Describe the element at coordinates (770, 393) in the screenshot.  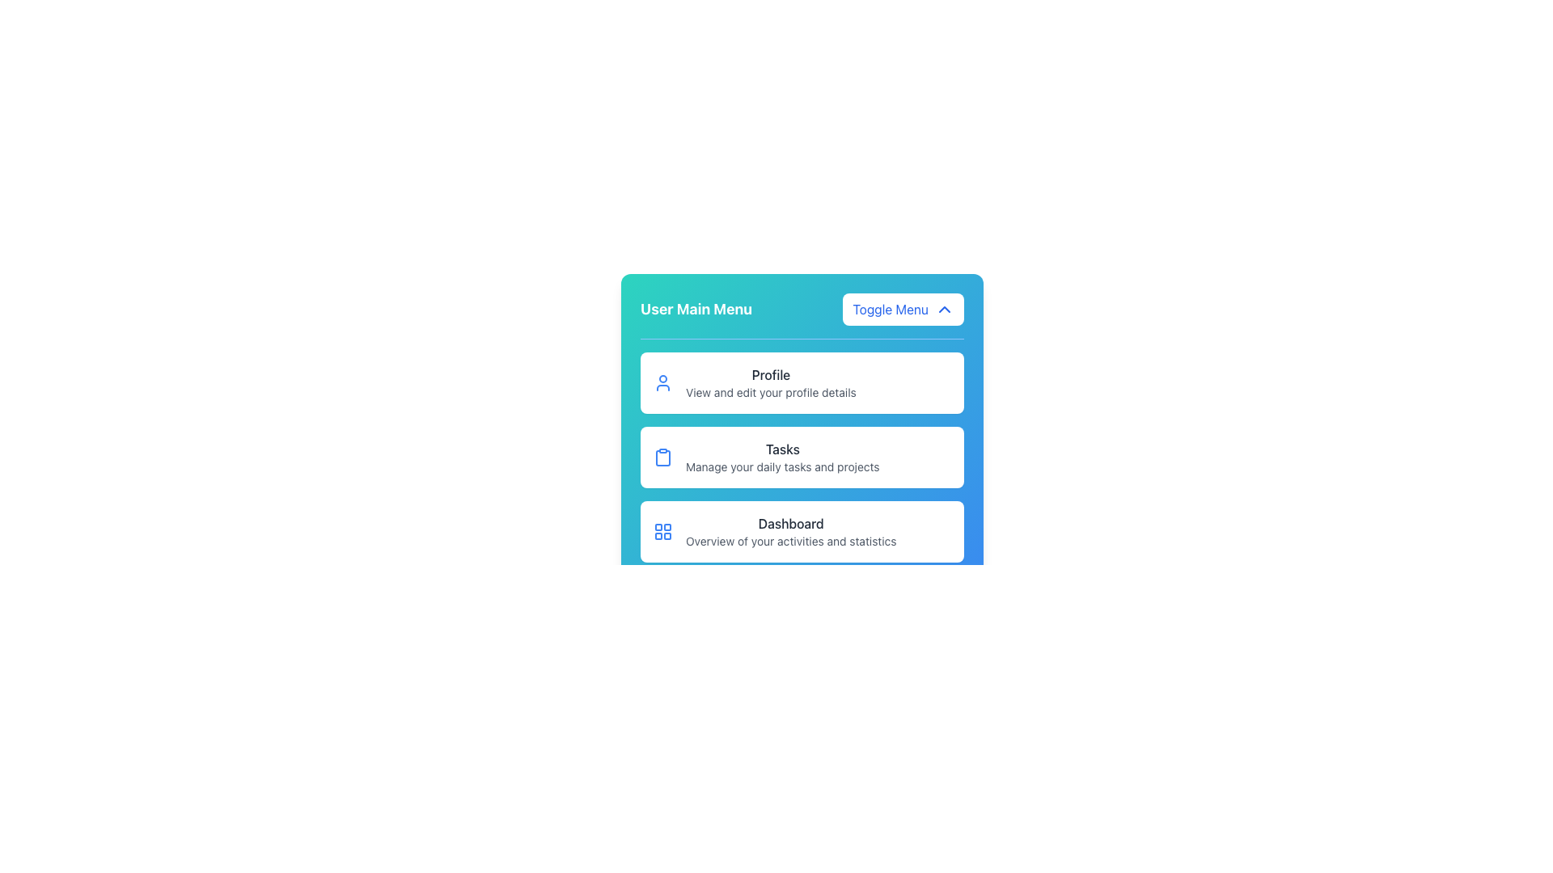
I see `the descriptive Text Label that provides information about the 'Profile' feature, positioned below the 'Profile' text within a vertical menu card` at that location.